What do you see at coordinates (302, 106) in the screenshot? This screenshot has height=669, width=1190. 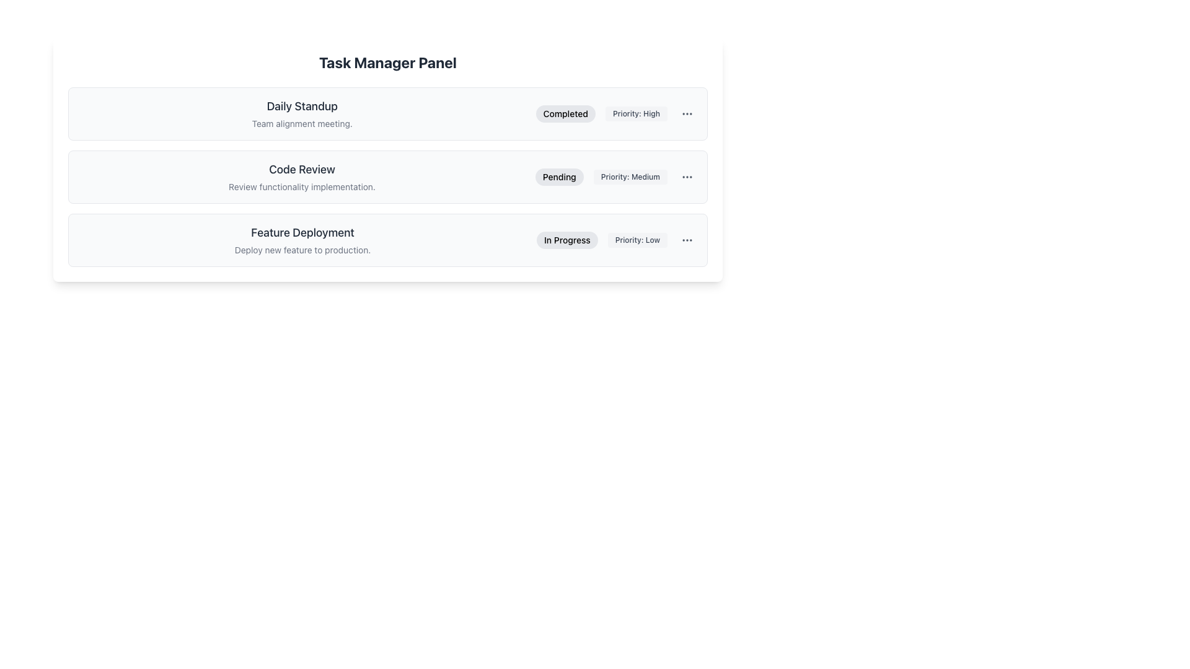 I see `text from the Text Header displaying 'Daily Standup', which is a bold dark gray text on a white background, located at the top of the task management interface` at bounding box center [302, 106].